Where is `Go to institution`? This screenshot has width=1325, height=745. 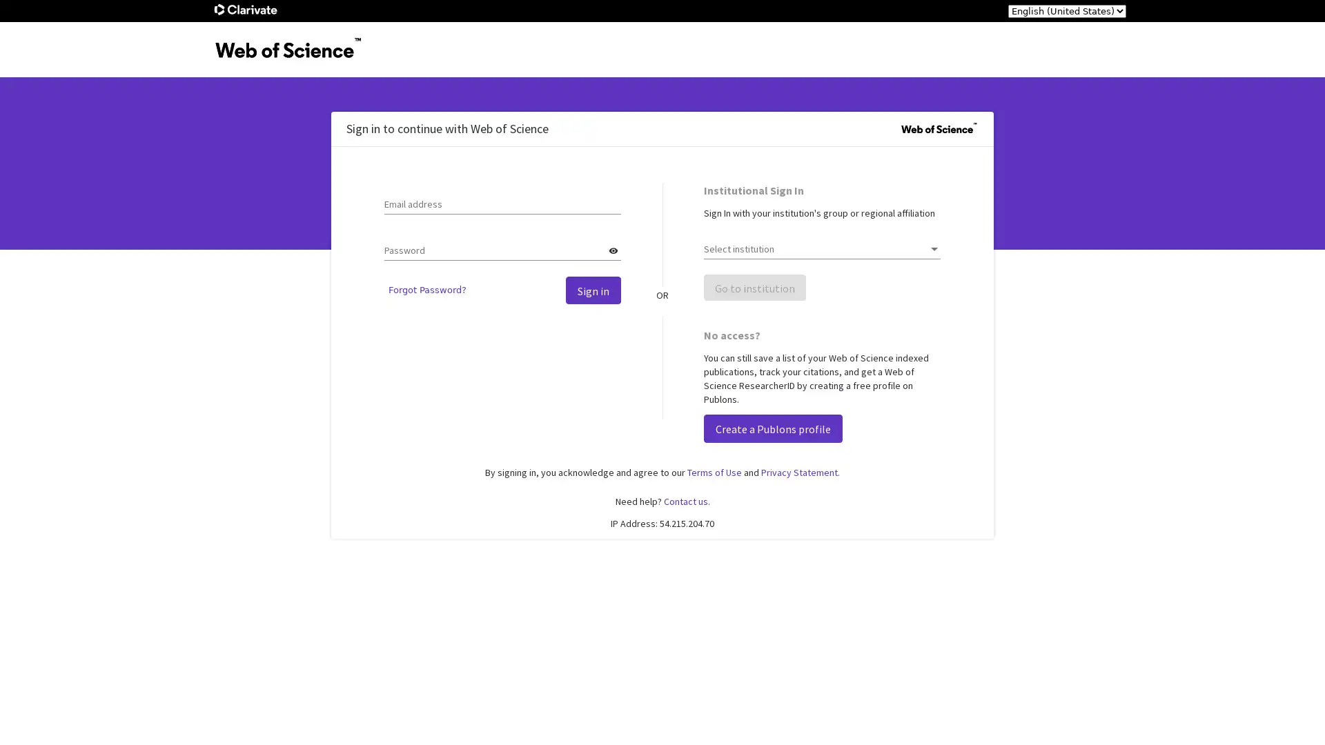
Go to institution is located at coordinates (754, 286).